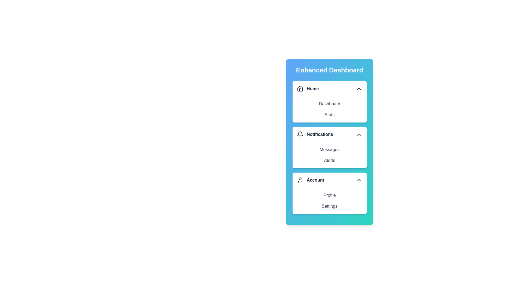 Image resolution: width=523 pixels, height=294 pixels. Describe the element at coordinates (329, 150) in the screenshot. I see `the menu item Messages from the expanded section` at that location.